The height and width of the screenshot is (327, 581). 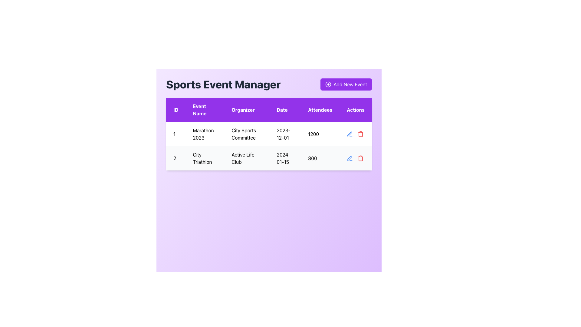 I want to click on text content displayed in the Text Display element showing the date '2024-01-15' located in the second row, fourth column of the table, so click(x=285, y=158).